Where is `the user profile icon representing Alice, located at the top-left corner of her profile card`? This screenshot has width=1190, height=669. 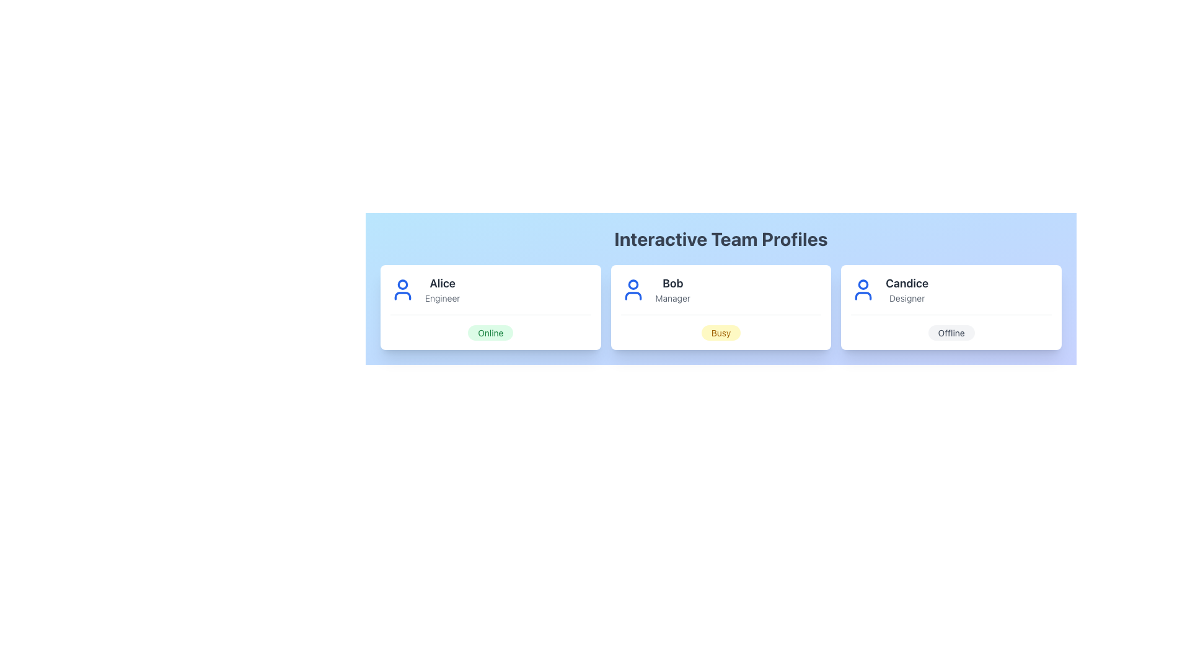 the user profile icon representing Alice, located at the top-left corner of her profile card is located at coordinates (402, 289).